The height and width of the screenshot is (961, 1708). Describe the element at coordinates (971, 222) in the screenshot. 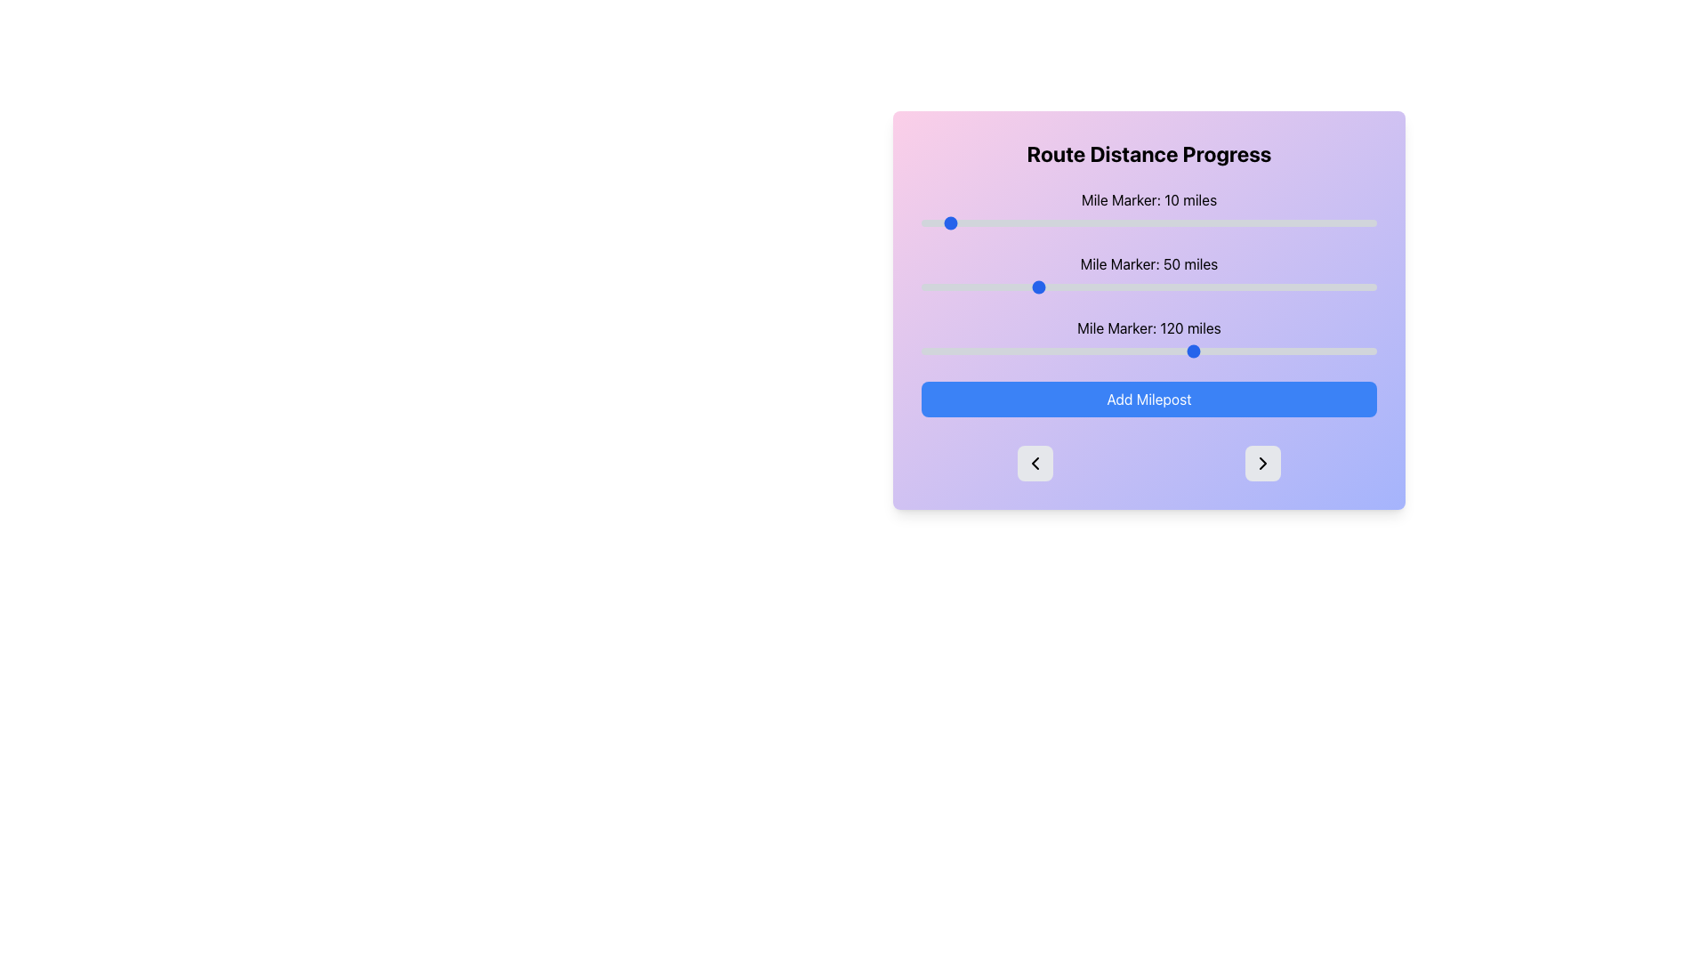

I see `the slider` at that location.